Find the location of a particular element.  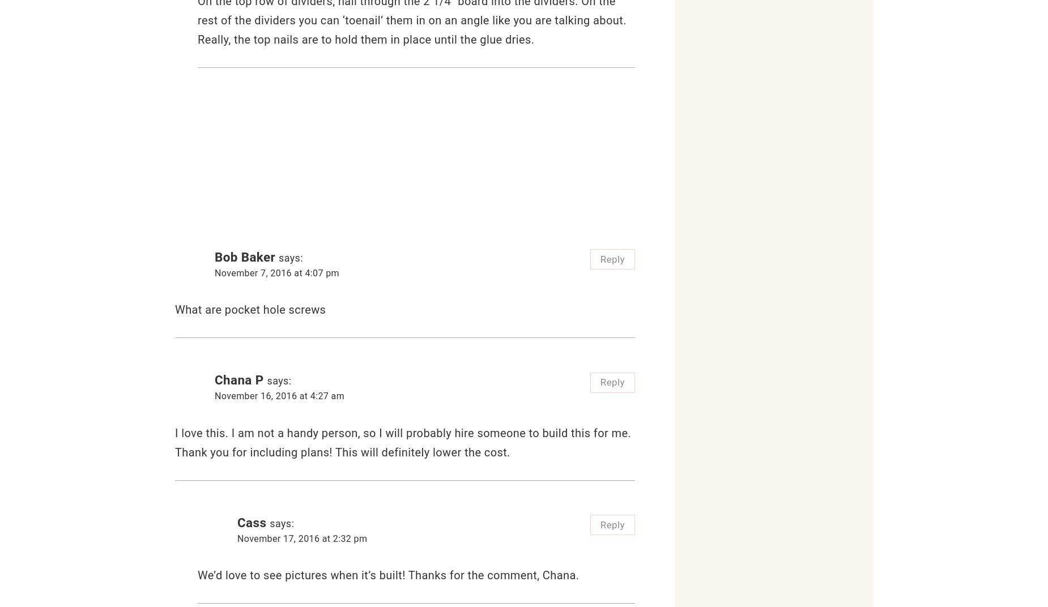

'We’d love to see pictures when it’s built! Thanks for the comment, Chana.' is located at coordinates (197, 574).